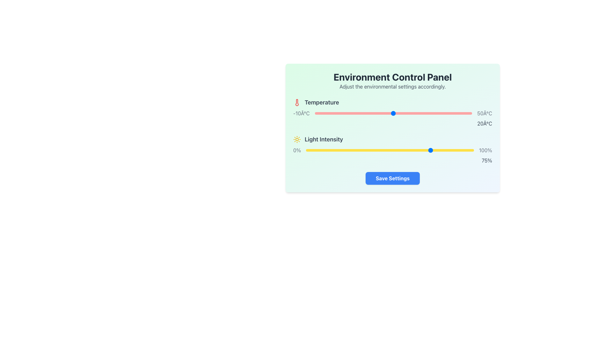 Image resolution: width=612 pixels, height=344 pixels. I want to click on light intensity, so click(321, 150).